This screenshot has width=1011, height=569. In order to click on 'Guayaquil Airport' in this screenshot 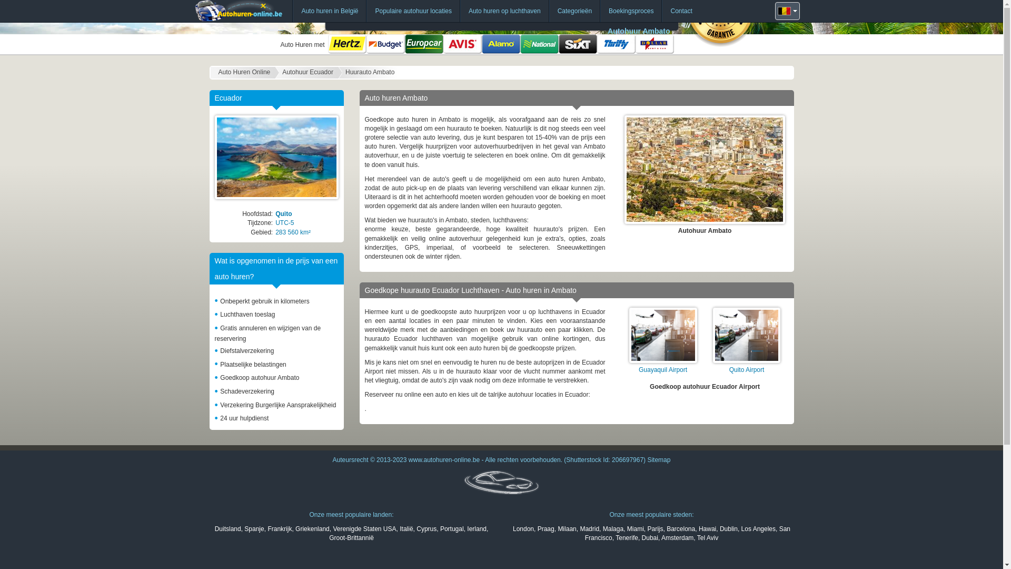, I will do `click(662, 369)`.